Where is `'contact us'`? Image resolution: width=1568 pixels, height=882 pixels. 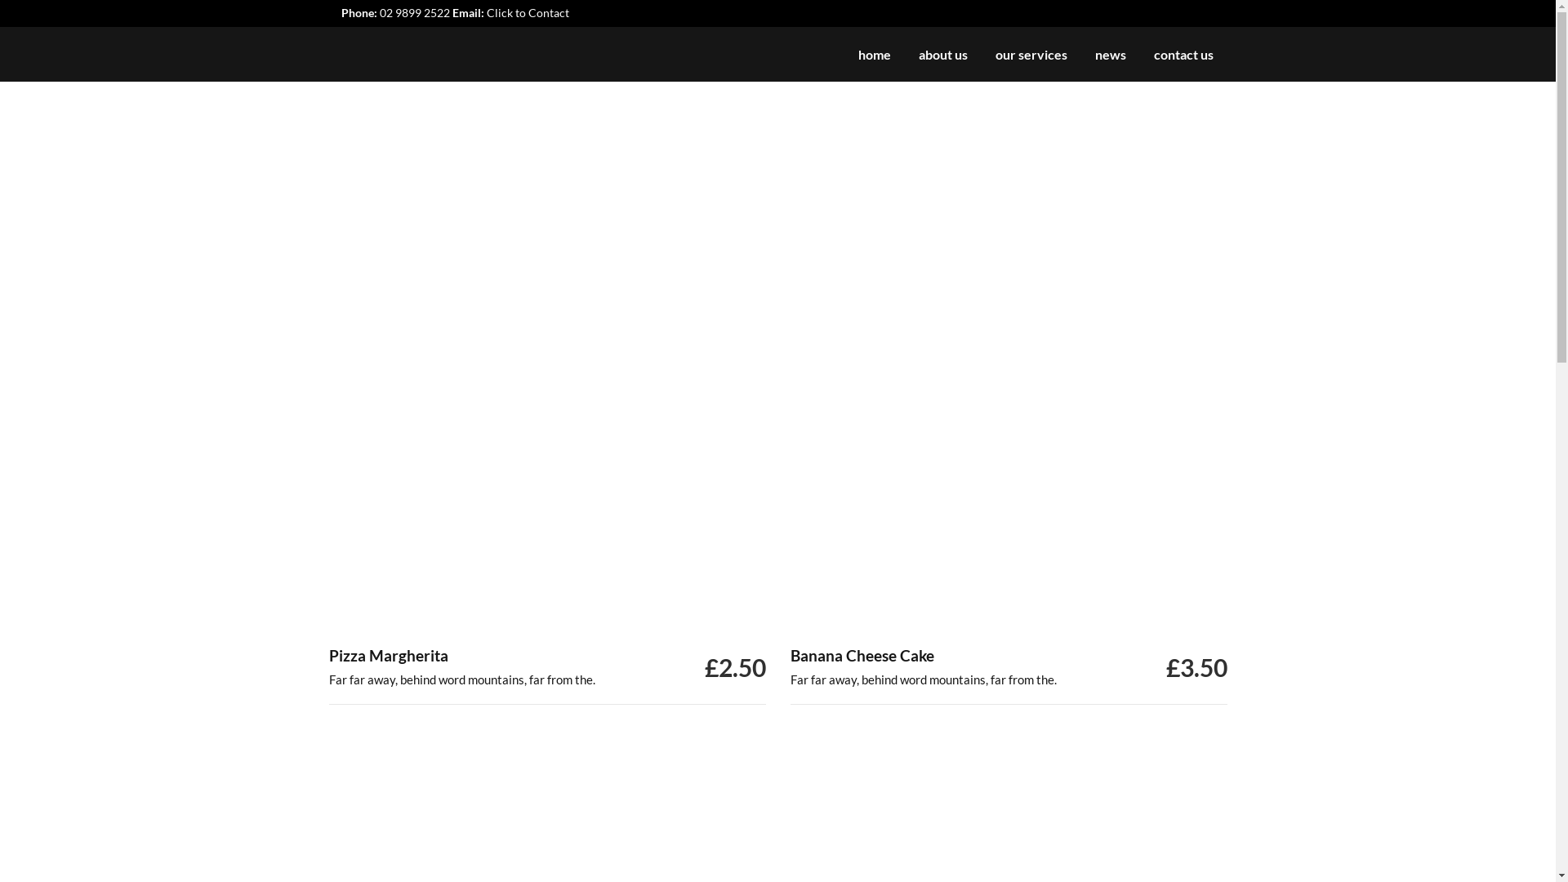
'contact us' is located at coordinates (1139, 53).